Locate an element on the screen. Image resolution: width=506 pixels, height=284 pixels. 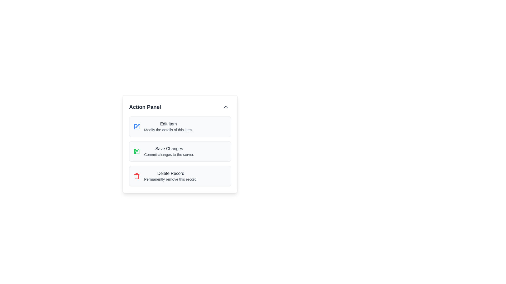
the second button in the 'Action Panel' for committing updates to the server is located at coordinates (180, 151).